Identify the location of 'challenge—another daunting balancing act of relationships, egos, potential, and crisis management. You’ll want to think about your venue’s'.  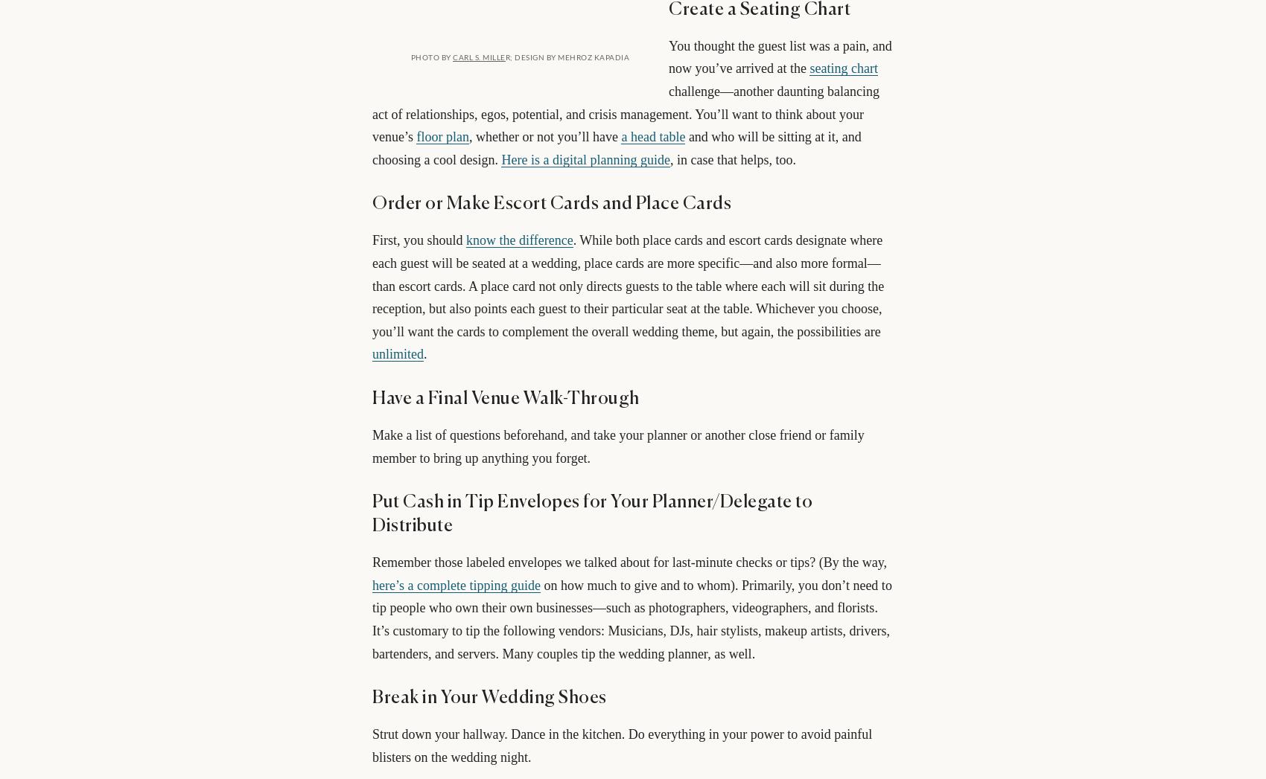
(624, 114).